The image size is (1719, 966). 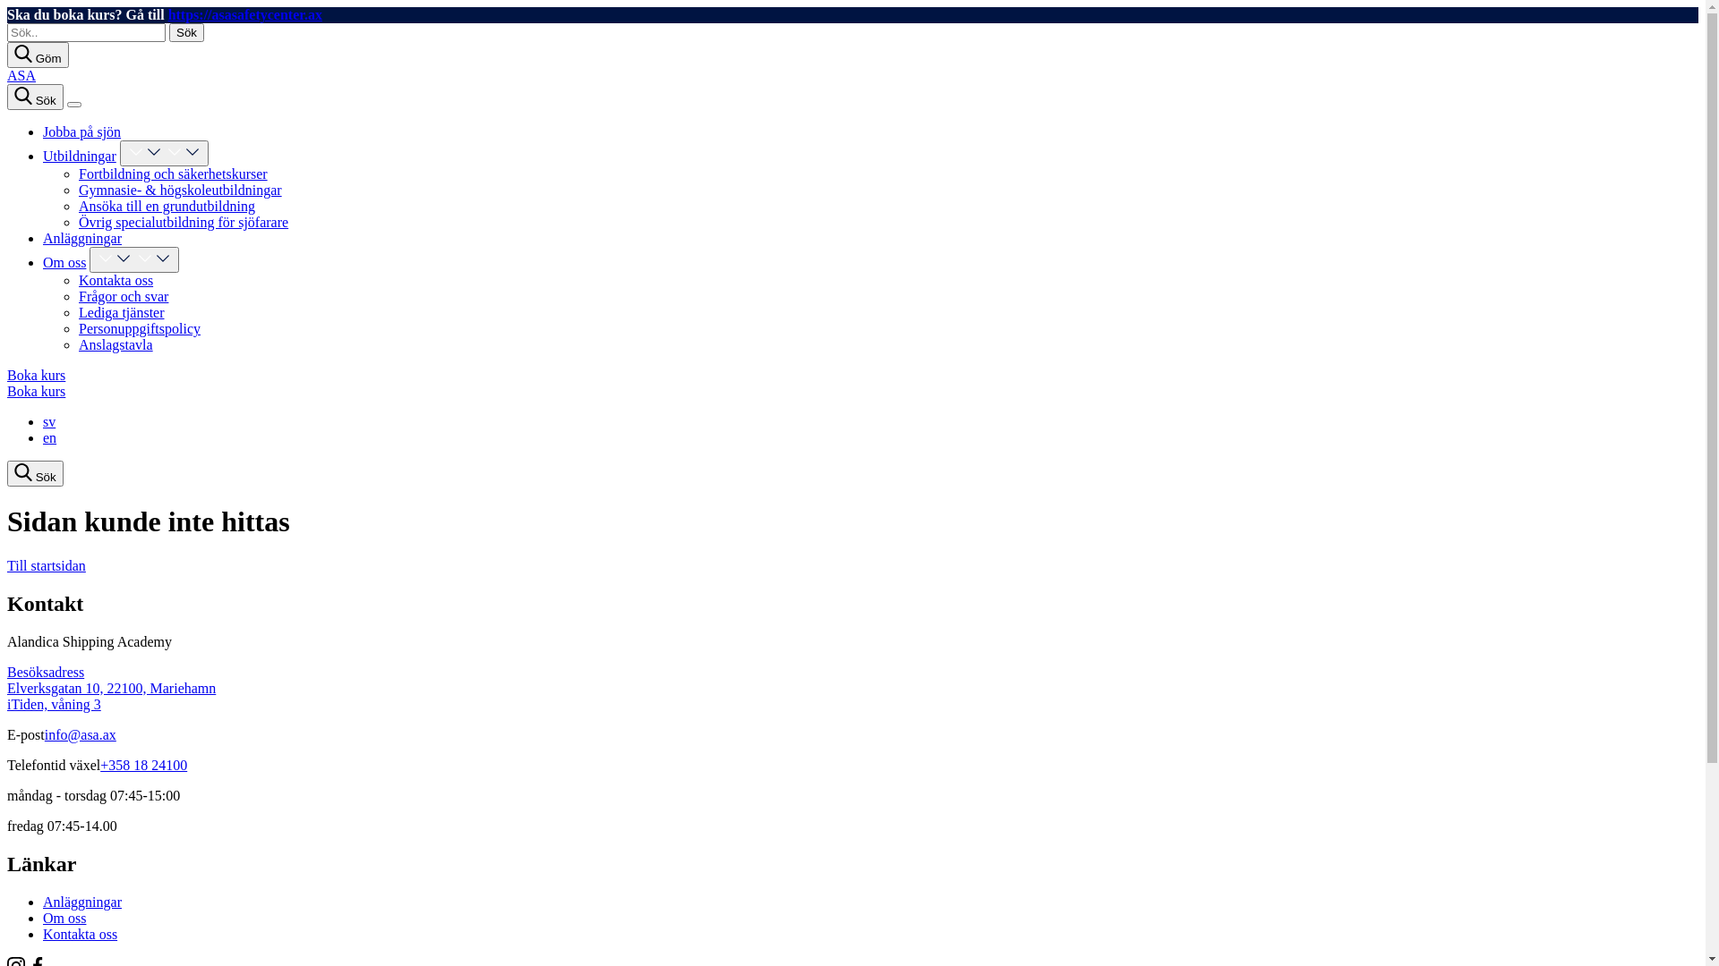 I want to click on '+358 18 24100', so click(x=143, y=765).